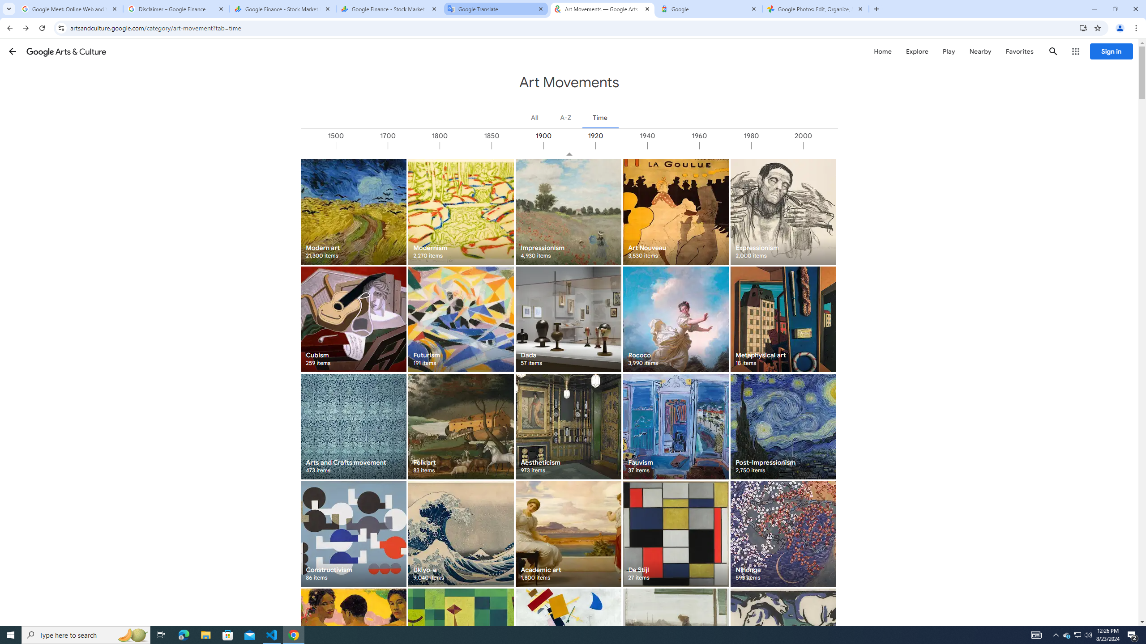  What do you see at coordinates (568, 641) in the screenshot?
I see `'Suprematism 212 items'` at bounding box center [568, 641].